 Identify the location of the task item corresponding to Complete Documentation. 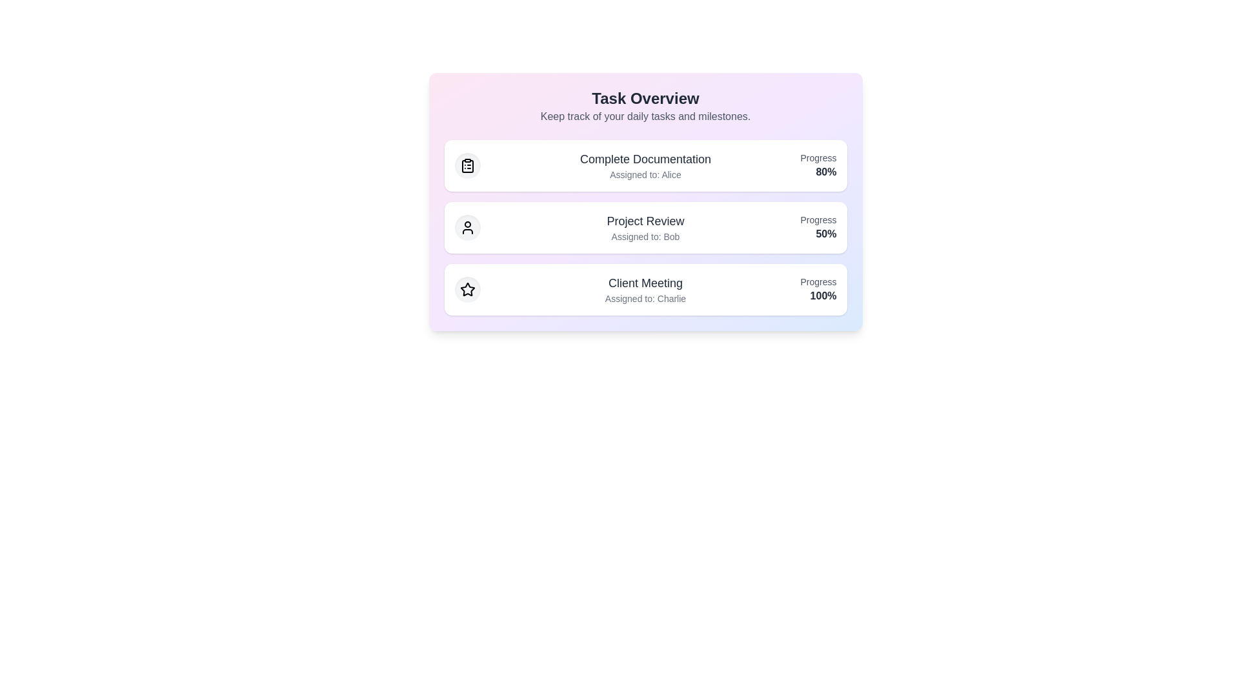
(645, 165).